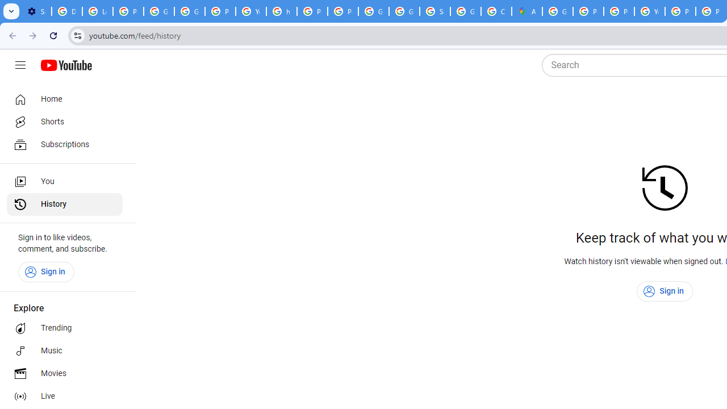 The height and width of the screenshot is (409, 727). I want to click on 'Delete photos & videos - Computer - Google Photos Help', so click(66, 11).